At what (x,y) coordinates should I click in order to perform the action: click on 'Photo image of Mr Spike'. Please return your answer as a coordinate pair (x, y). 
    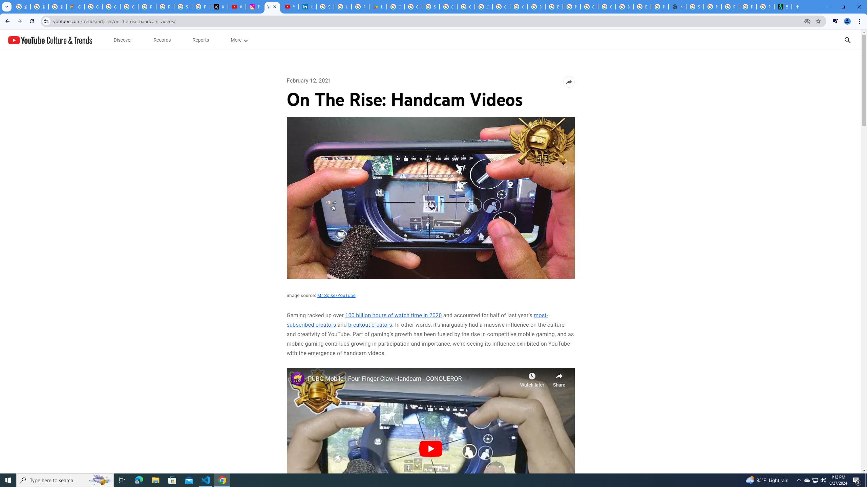
    Looking at the image, I should click on (297, 378).